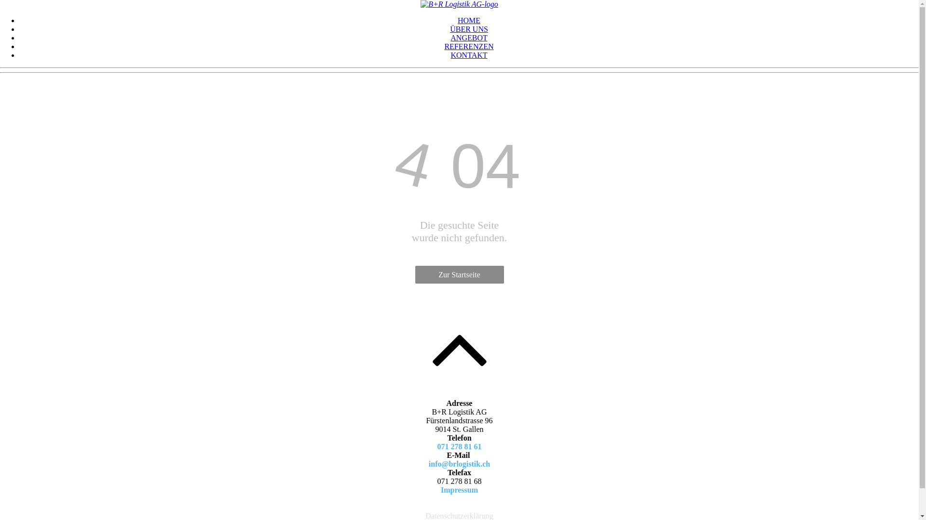  What do you see at coordinates (428, 463) in the screenshot?
I see `'info@brlogistik.ch'` at bounding box center [428, 463].